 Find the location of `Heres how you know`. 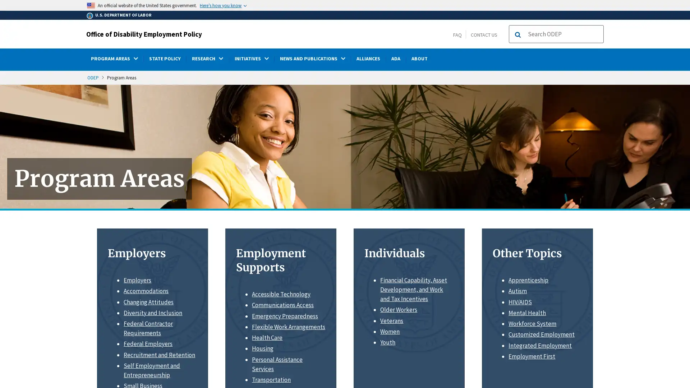

Heres how you know is located at coordinates (222, 5).